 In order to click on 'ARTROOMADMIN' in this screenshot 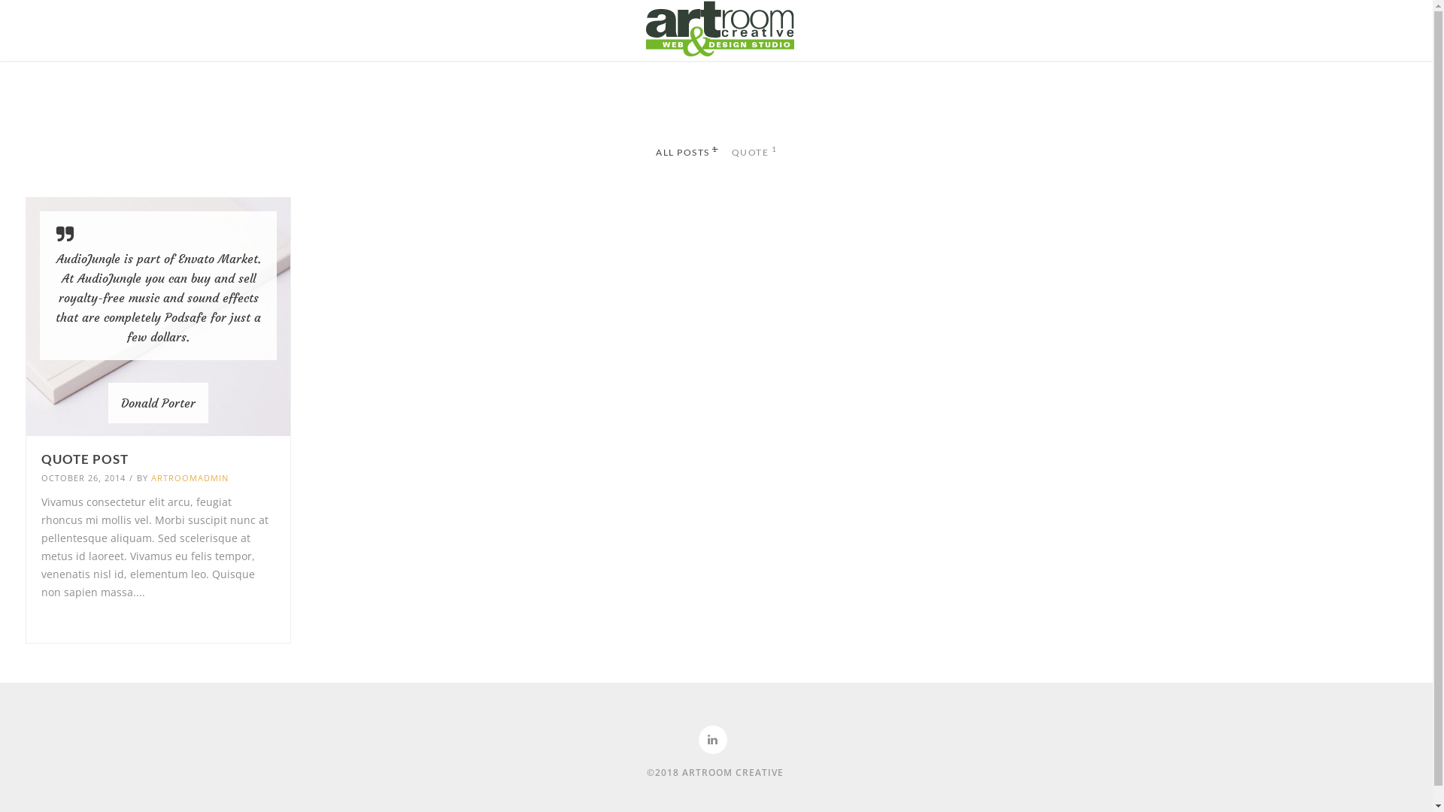, I will do `click(151, 477)`.